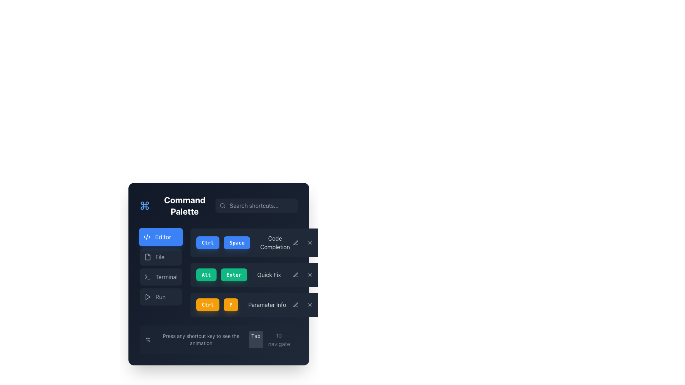 This screenshot has height=385, width=685. Describe the element at coordinates (166, 276) in the screenshot. I see `the Text label that indicates the terminal functionalities in the lower section of the 'Command Palette' interface, positioned next to the terminal icon` at that location.